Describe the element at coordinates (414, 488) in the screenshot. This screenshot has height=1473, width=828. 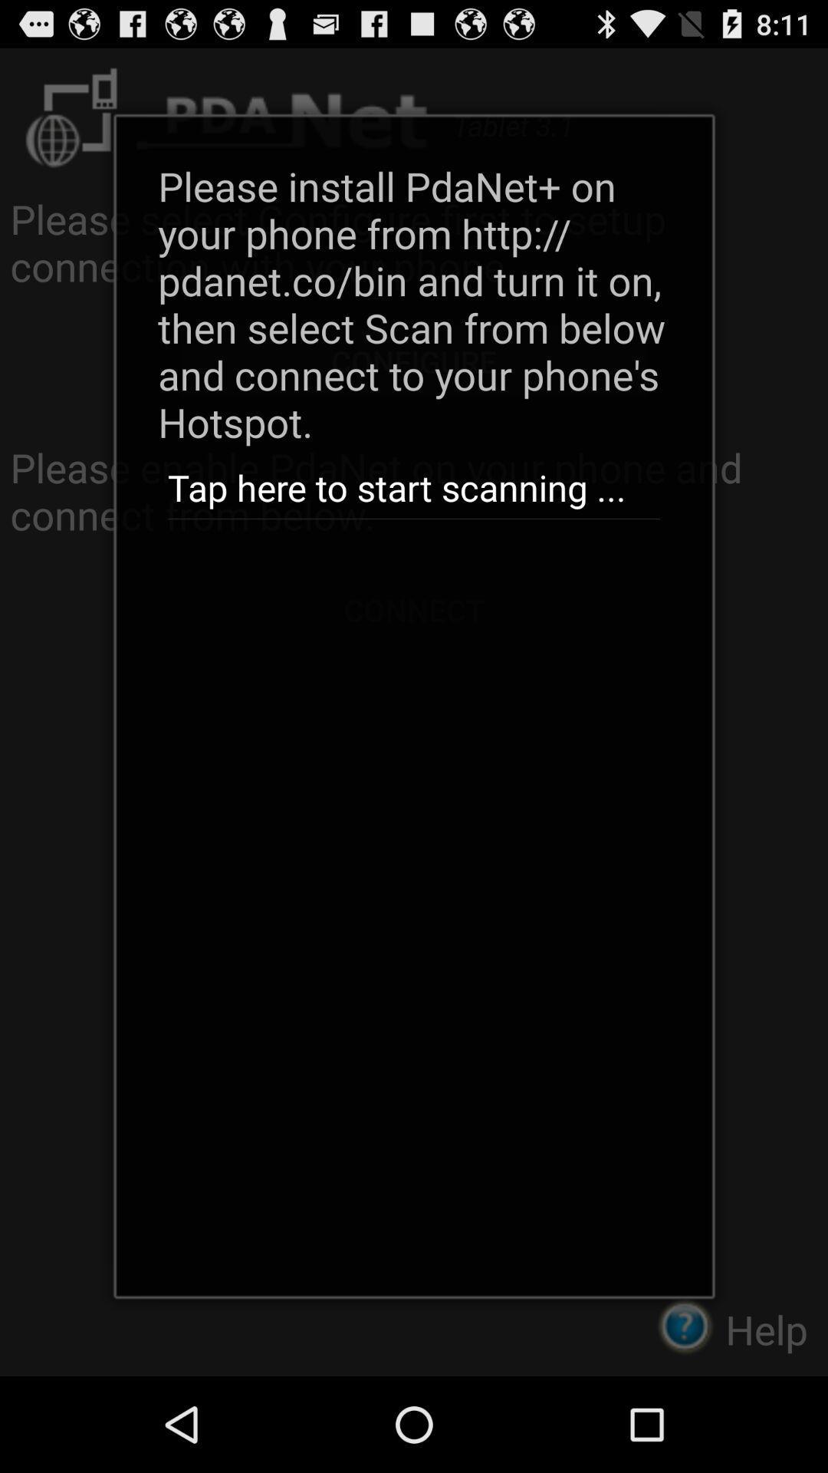
I see `the item below please install pdanet` at that location.